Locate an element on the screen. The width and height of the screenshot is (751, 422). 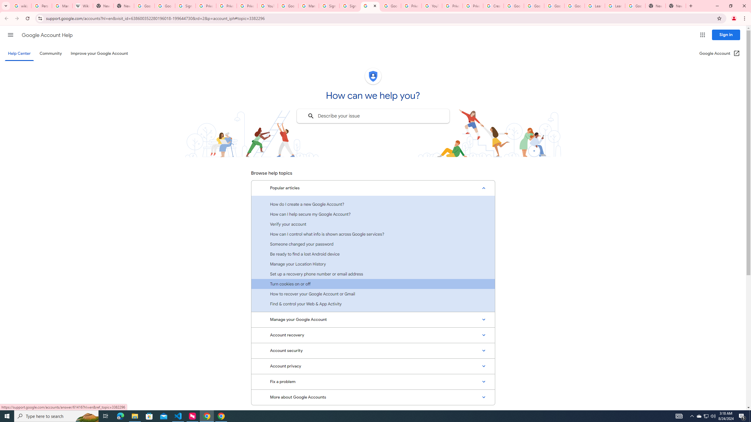
'Verify your account' is located at coordinates (373, 224).